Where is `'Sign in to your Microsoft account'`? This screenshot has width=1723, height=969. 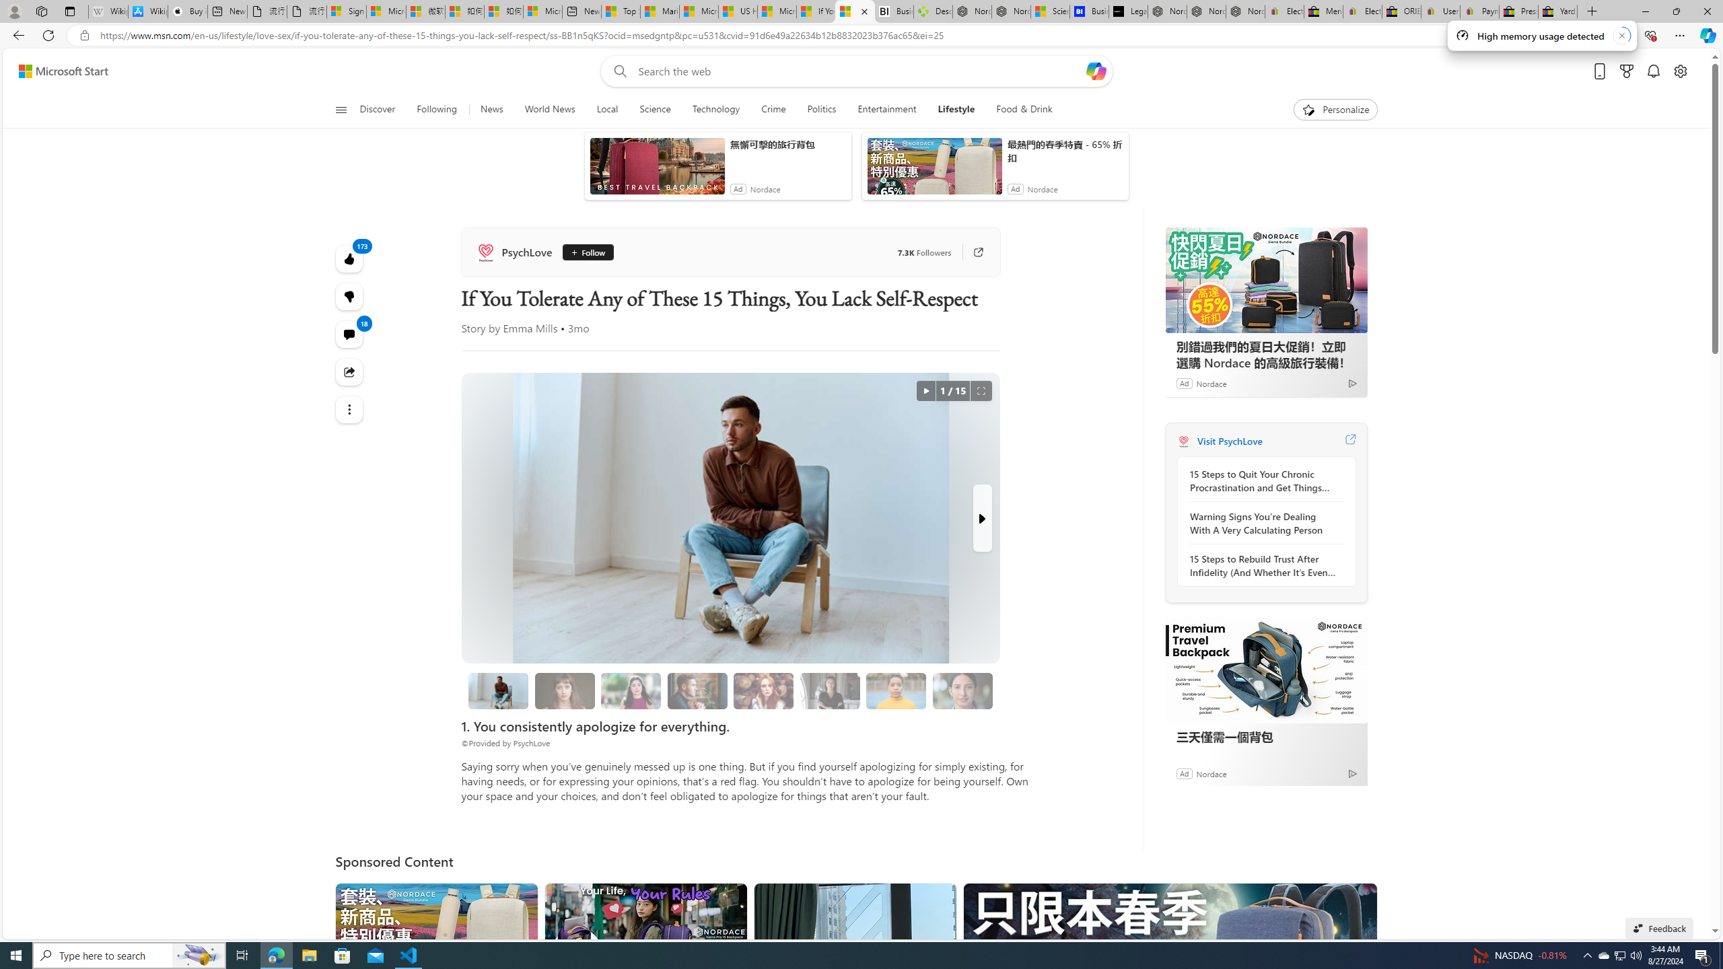 'Sign in to your Microsoft account' is located at coordinates (345, 11).